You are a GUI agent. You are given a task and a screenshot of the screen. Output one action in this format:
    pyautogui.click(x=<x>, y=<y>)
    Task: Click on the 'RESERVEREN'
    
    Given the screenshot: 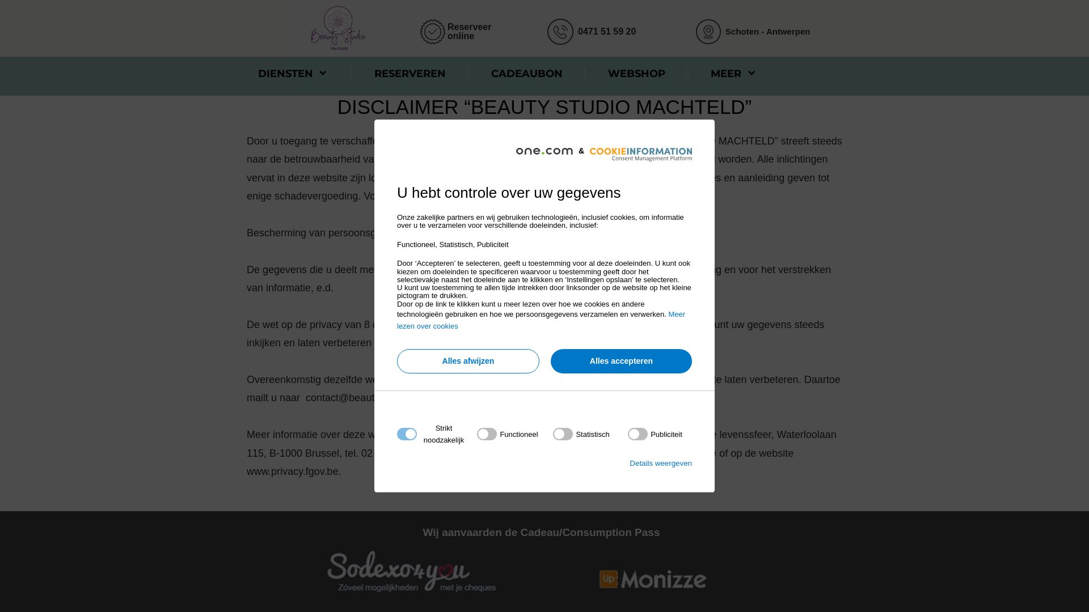 What is the action you would take?
    pyautogui.click(x=410, y=74)
    